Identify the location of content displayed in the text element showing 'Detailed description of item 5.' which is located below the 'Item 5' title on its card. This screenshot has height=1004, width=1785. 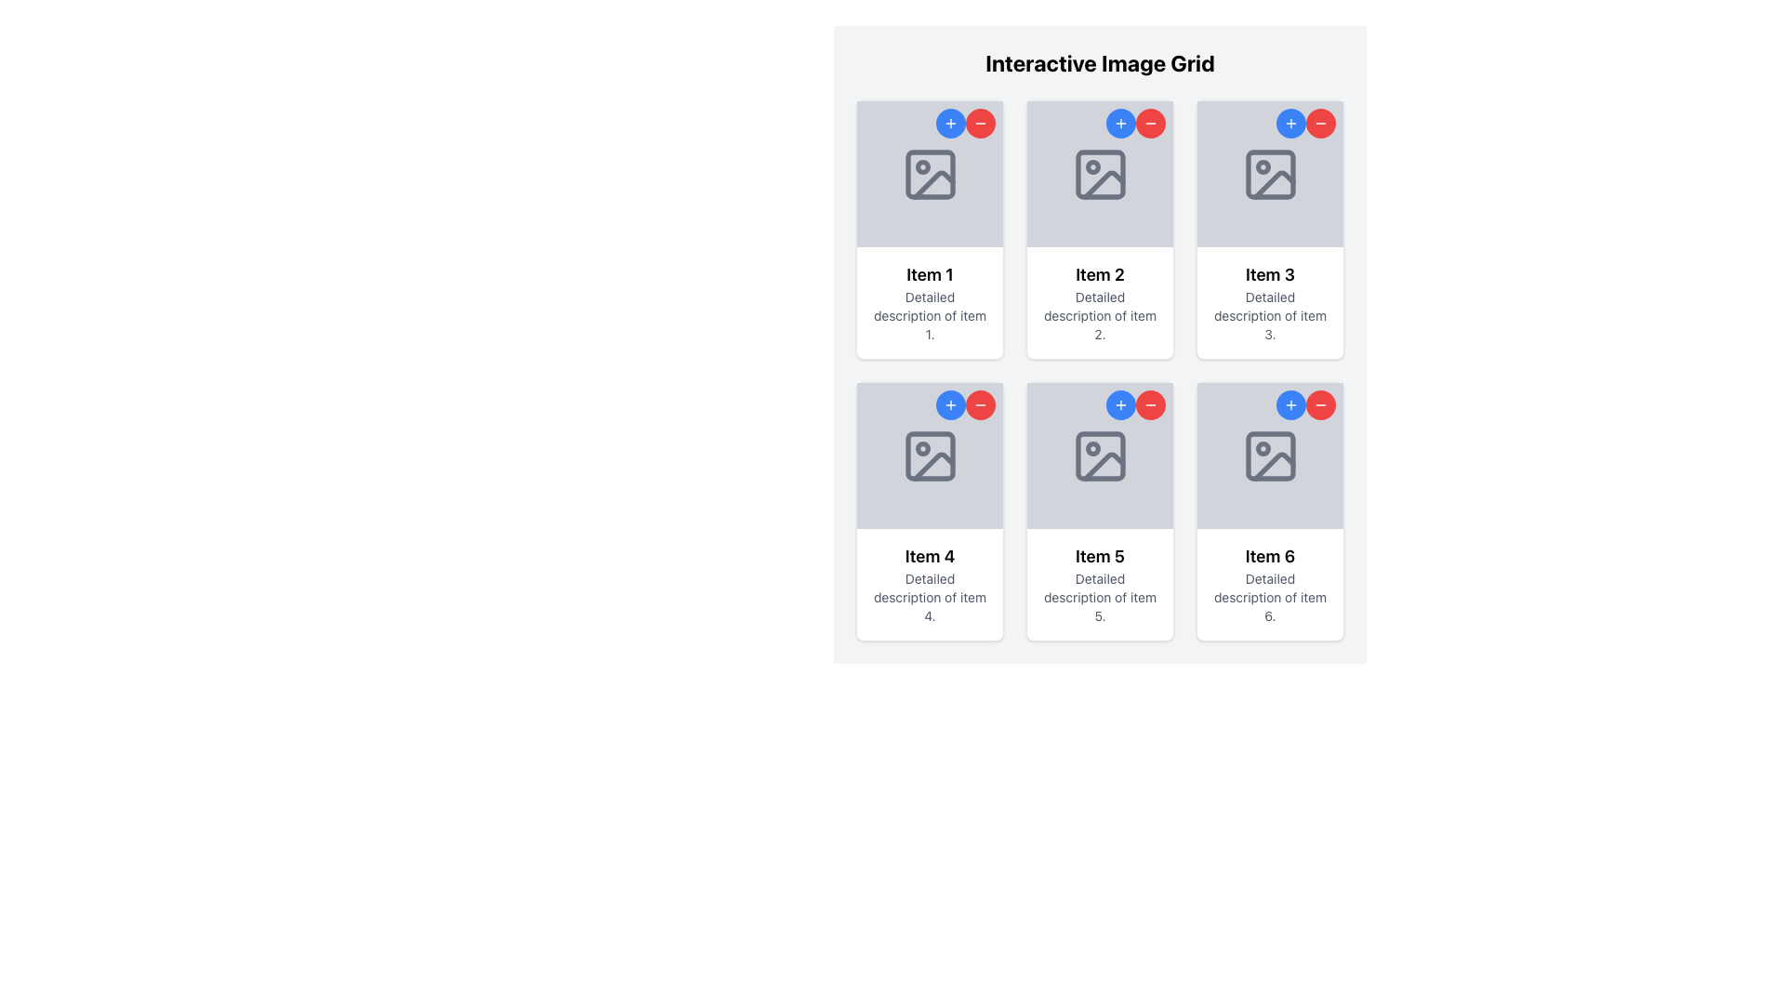
(1100, 598).